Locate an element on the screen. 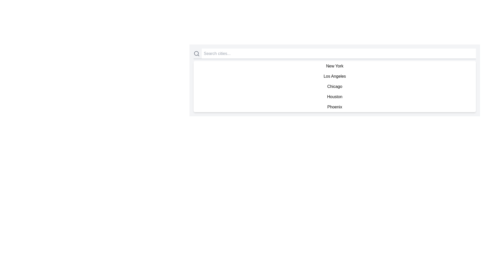  the first item in the vertical list of cities labeled 'New York' is located at coordinates (335, 66).